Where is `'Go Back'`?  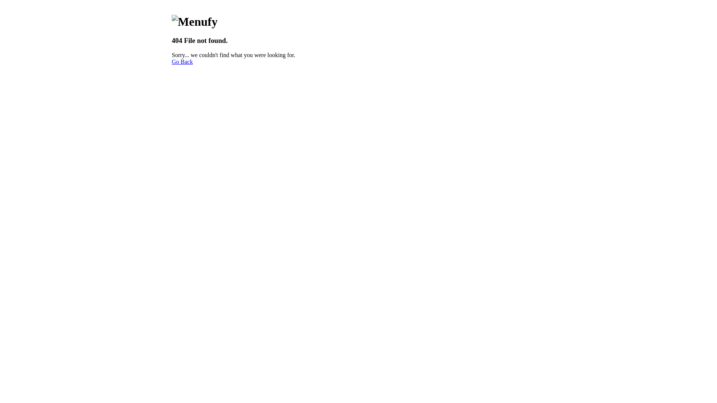 'Go Back' is located at coordinates (182, 61).